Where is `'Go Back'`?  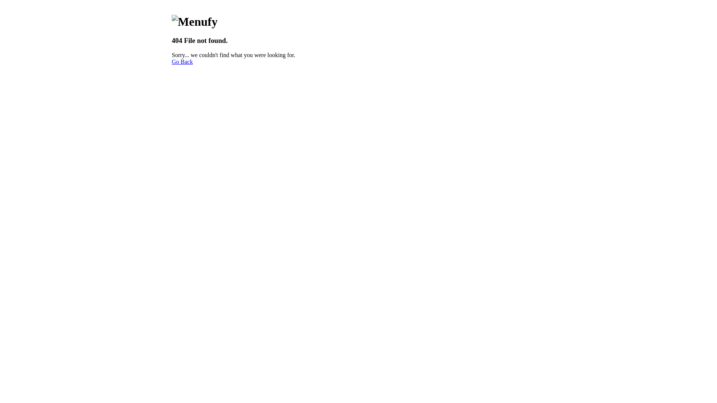 'Go Back' is located at coordinates (182, 61).